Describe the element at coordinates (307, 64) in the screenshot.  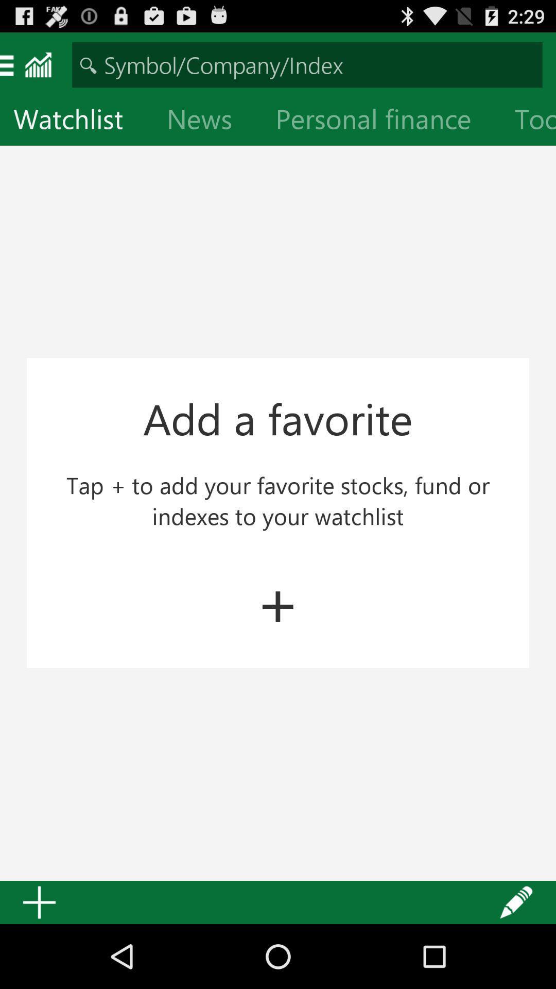
I see `input search text` at that location.